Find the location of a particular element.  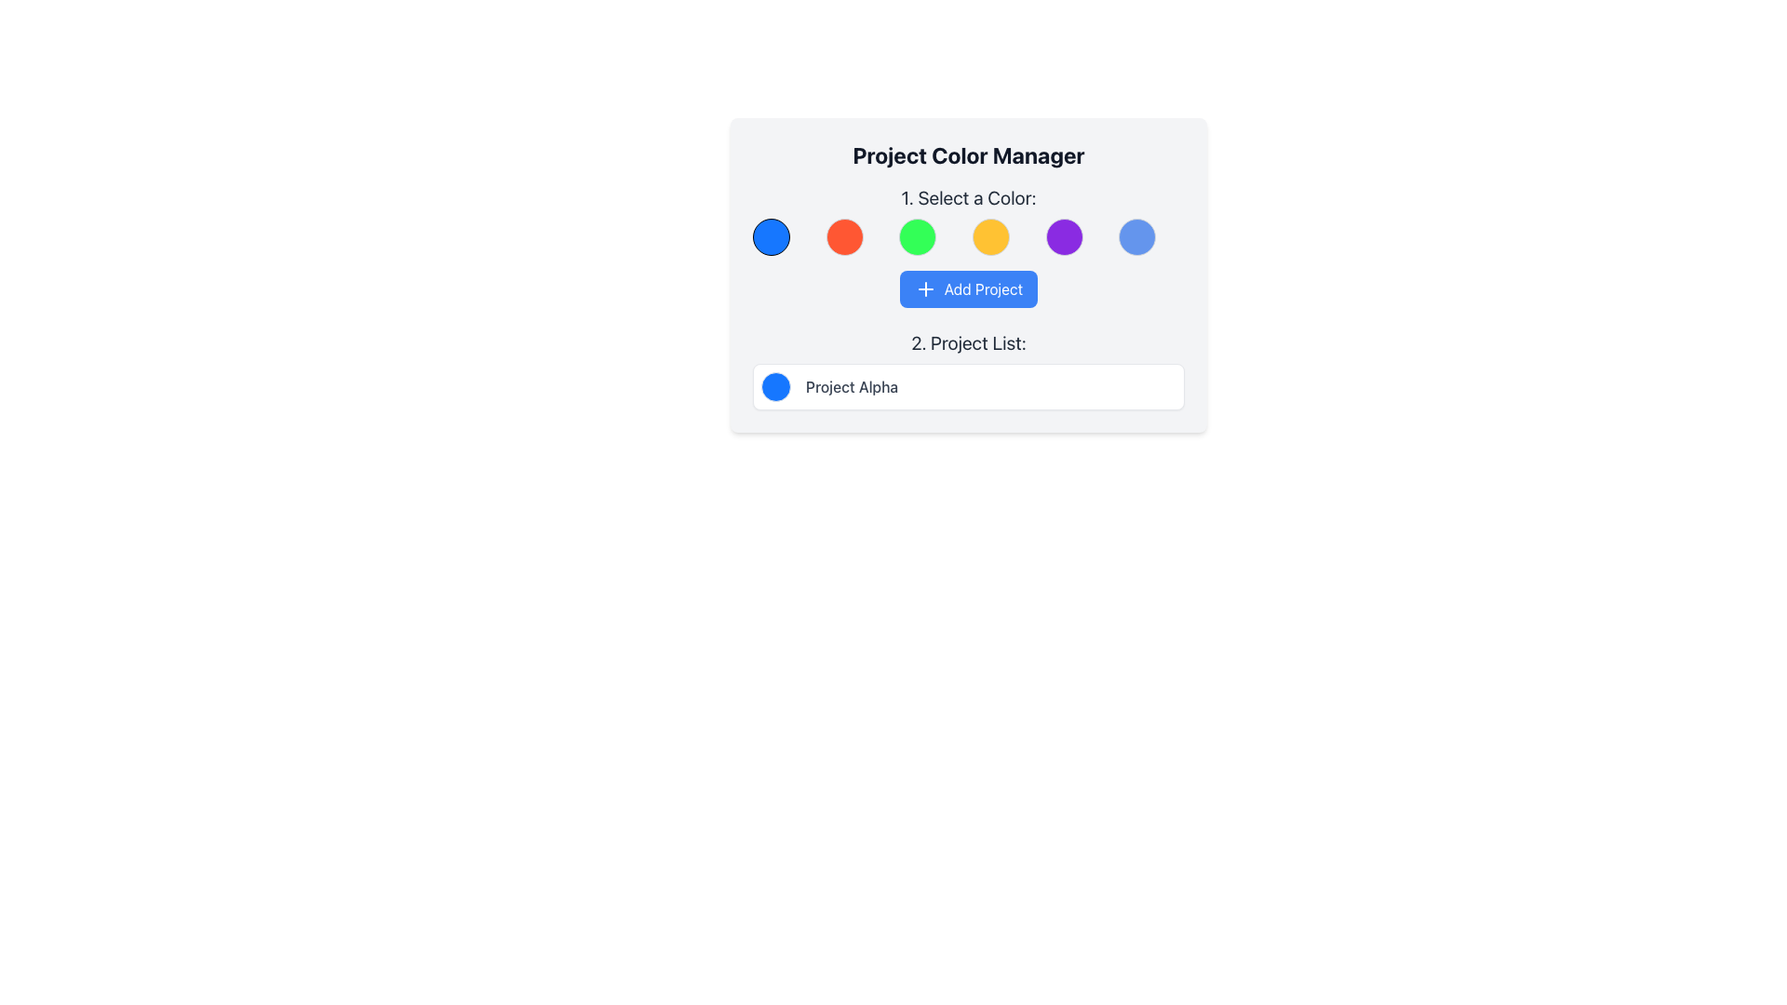

the third circular color option representing green is located at coordinates (918, 235).